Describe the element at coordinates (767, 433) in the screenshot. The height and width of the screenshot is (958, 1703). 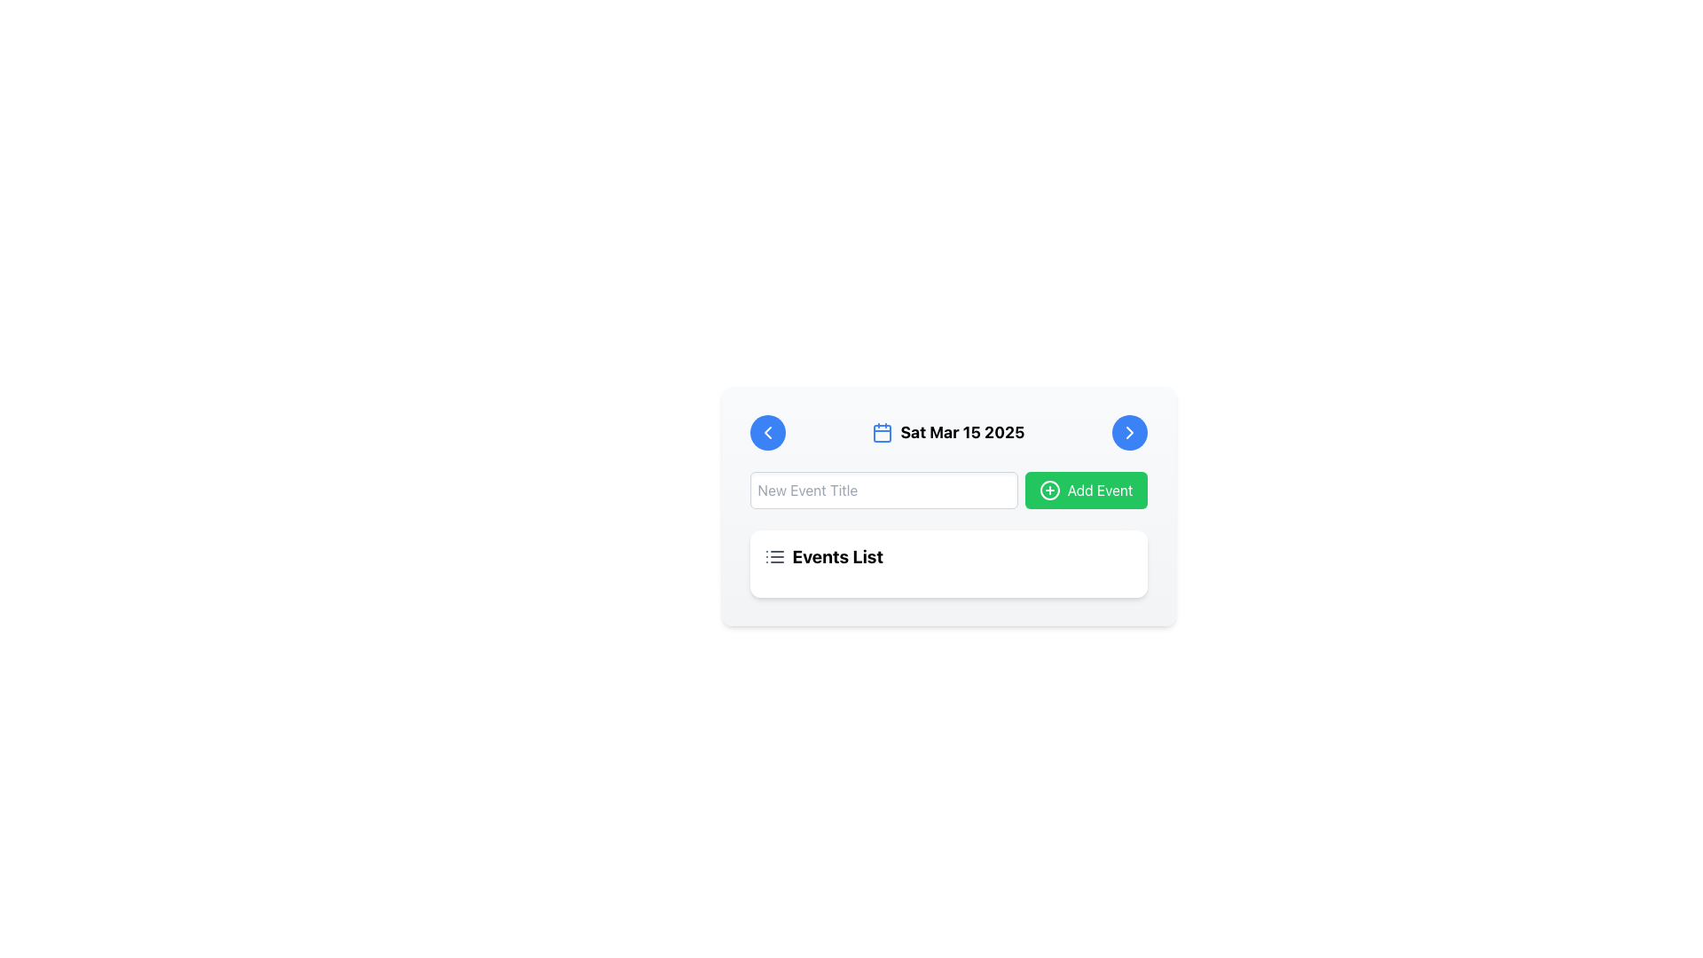
I see `the leftward-pointing chevron icon located within the blue circular button on the far left of the card header` at that location.